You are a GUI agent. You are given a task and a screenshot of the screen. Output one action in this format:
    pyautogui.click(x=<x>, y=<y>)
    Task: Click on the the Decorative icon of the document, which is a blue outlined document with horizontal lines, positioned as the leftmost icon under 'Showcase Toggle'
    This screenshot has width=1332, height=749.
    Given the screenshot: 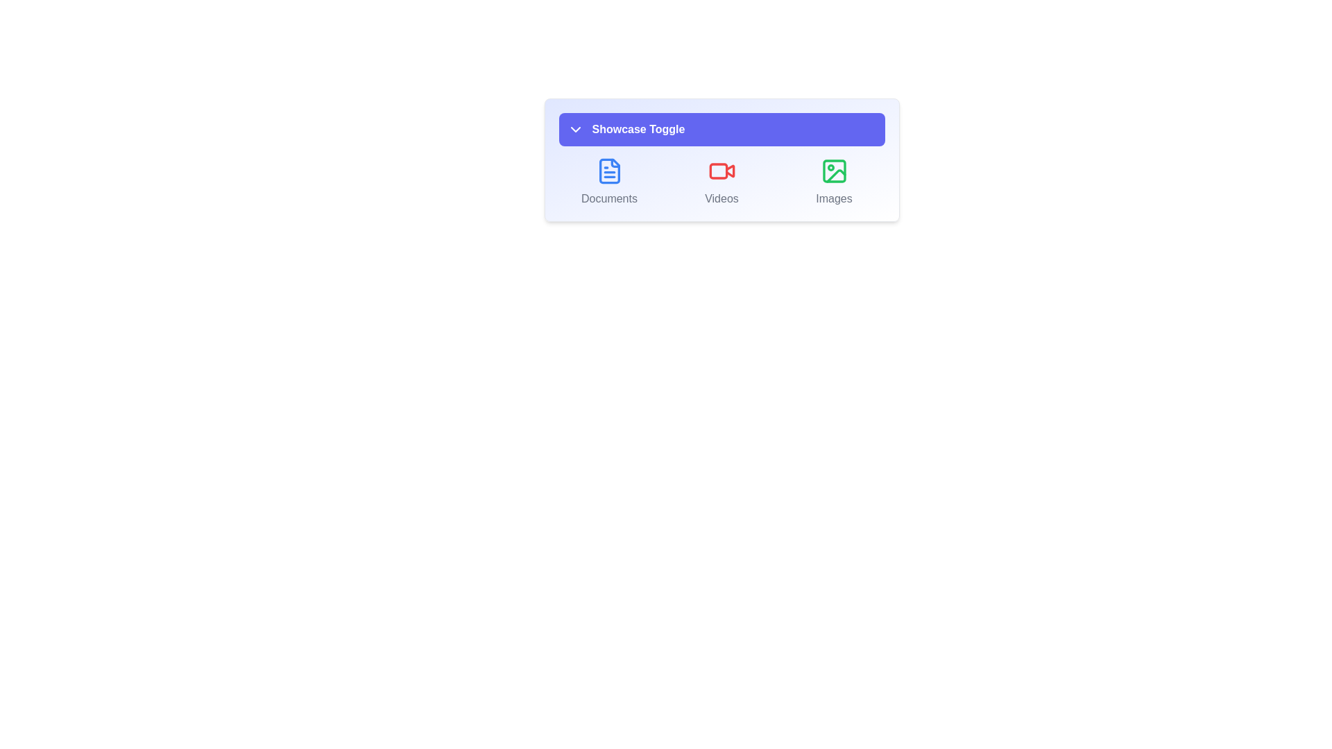 What is the action you would take?
    pyautogui.click(x=609, y=170)
    